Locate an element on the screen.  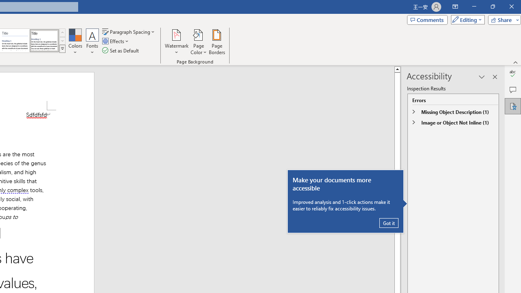
'Row Down' is located at coordinates (62, 41).